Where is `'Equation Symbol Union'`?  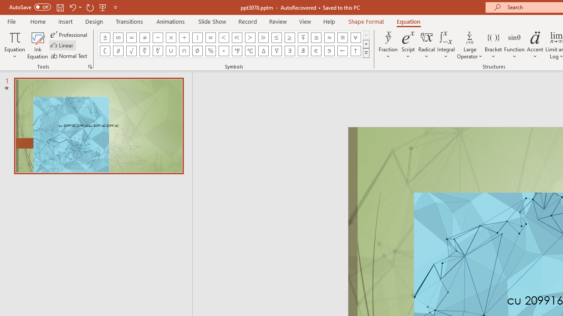
'Equation Symbol Union' is located at coordinates (171, 50).